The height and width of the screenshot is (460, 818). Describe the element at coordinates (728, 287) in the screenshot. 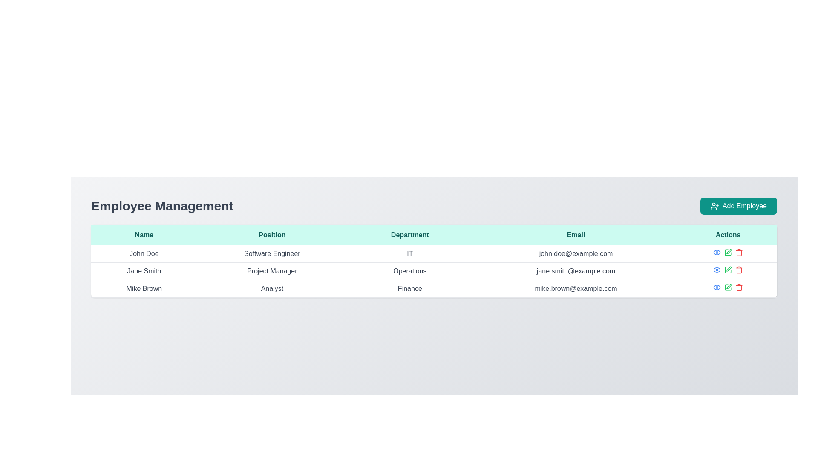

I see `the Icon group button in the Actions column corresponding to 'Mike Brown'` at that location.